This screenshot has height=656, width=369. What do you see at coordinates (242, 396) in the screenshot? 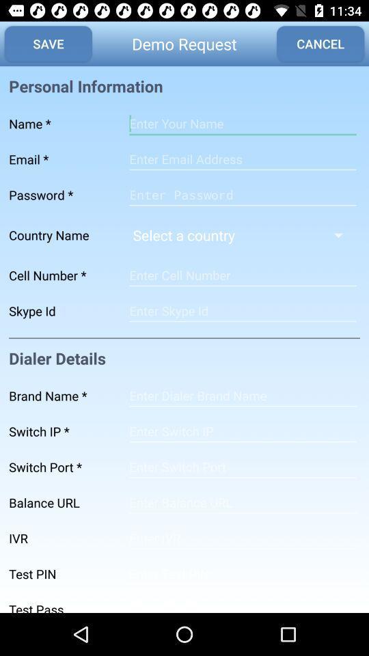
I see `address page` at bounding box center [242, 396].